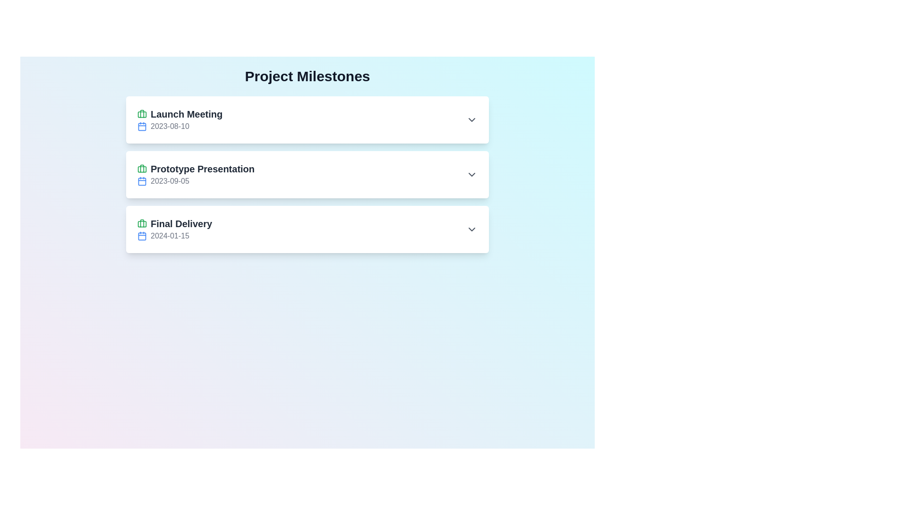  Describe the element at coordinates (196, 175) in the screenshot. I see `milestone details for 'Prototype Presentation 2023-09-05', which is the second item in the 'Project Milestones' section, featuring a bold heading and icons` at that location.